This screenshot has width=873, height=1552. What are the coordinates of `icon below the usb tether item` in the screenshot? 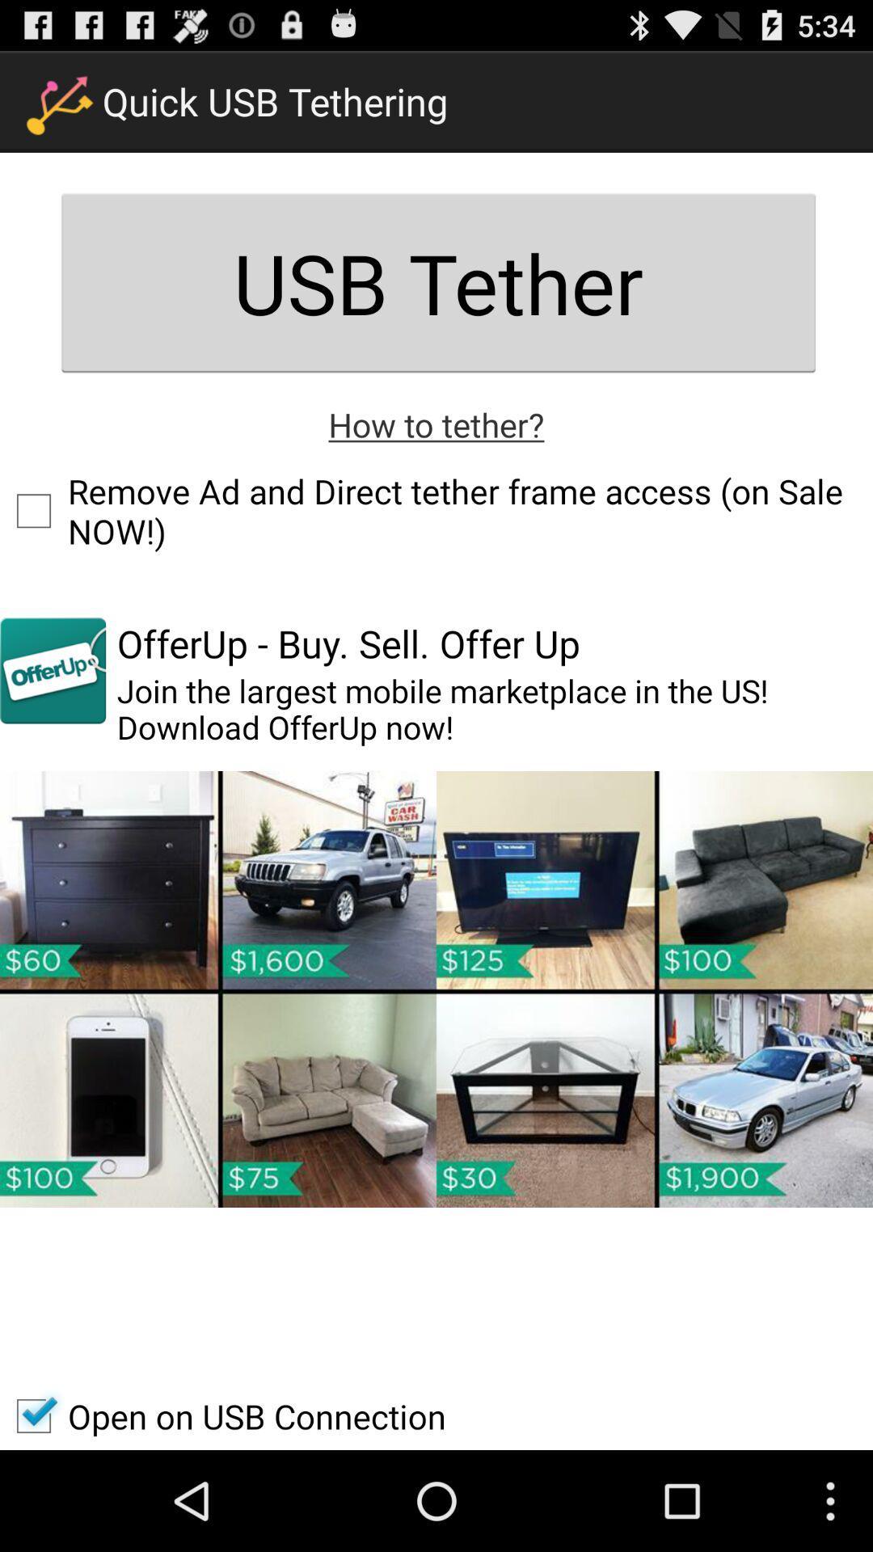 It's located at (436, 424).